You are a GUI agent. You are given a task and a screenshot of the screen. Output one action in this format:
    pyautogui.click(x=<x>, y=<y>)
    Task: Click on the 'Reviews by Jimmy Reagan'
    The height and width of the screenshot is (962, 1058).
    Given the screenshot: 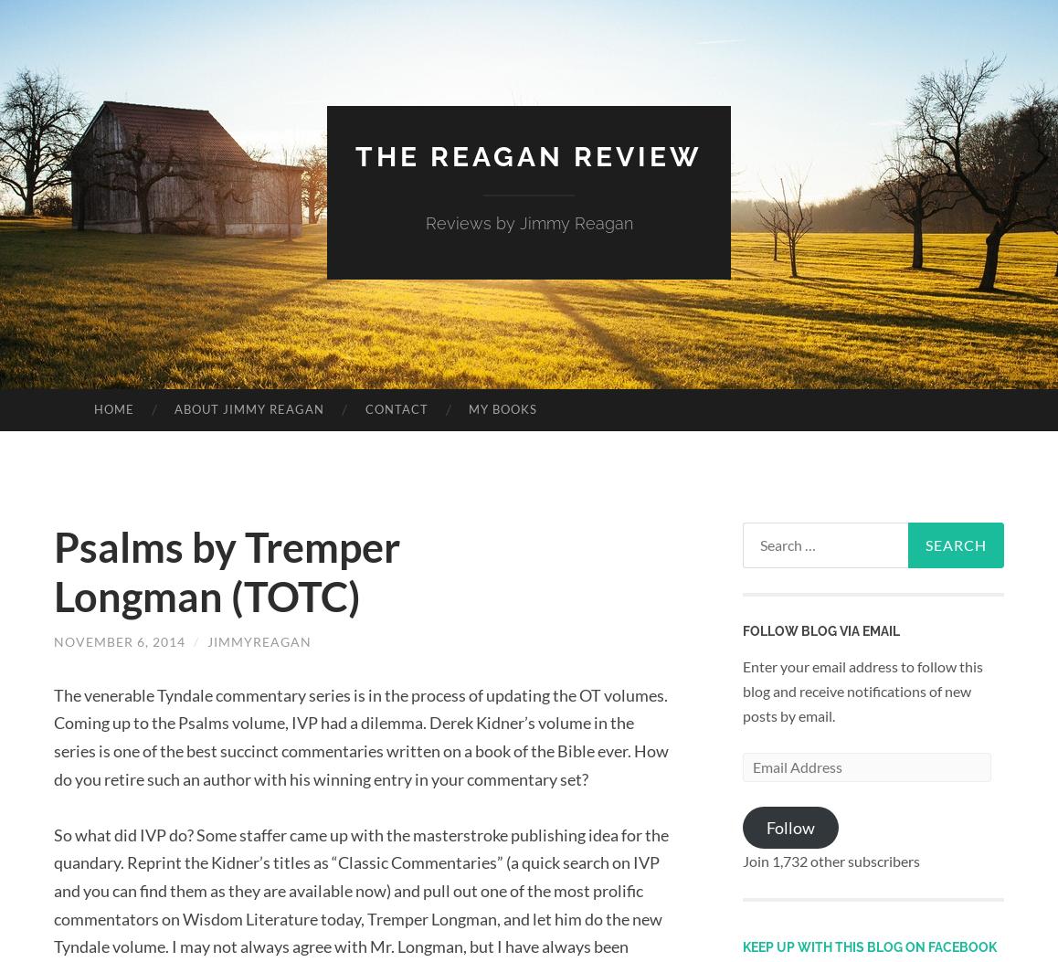 What is the action you would take?
    pyautogui.click(x=528, y=221)
    